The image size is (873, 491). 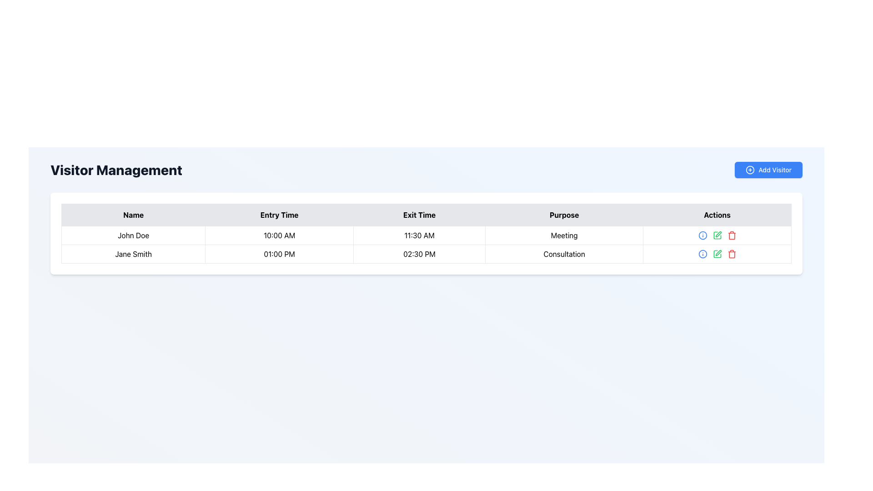 What do you see at coordinates (732, 254) in the screenshot?
I see `the delete button located in the last column labeled 'Actions' in the second row of the table` at bounding box center [732, 254].